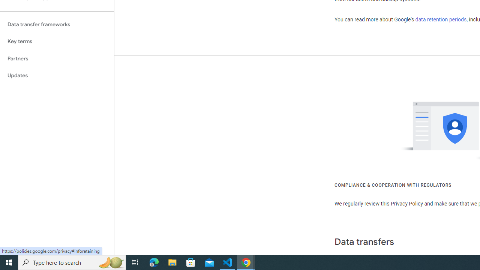 This screenshot has width=480, height=270. What do you see at coordinates (441, 19) in the screenshot?
I see `'data retention periods'` at bounding box center [441, 19].